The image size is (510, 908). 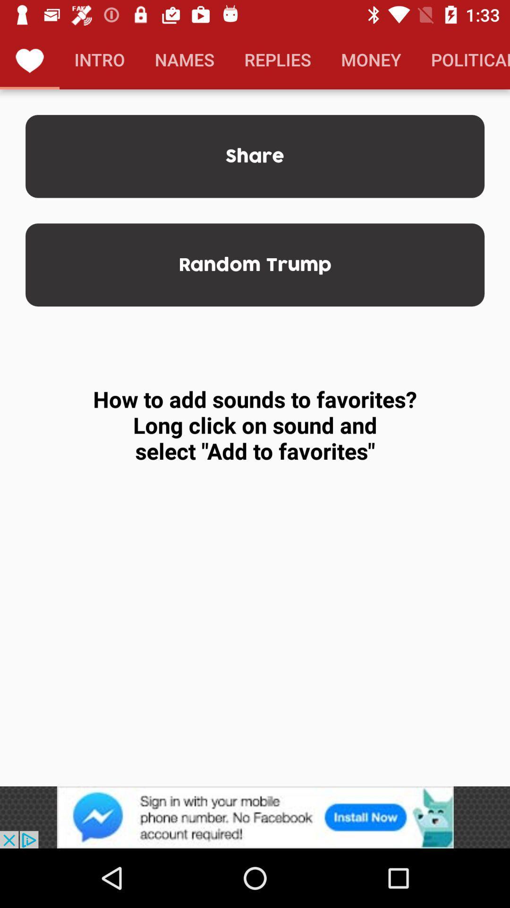 I want to click on pop-up advertisement, so click(x=255, y=817).